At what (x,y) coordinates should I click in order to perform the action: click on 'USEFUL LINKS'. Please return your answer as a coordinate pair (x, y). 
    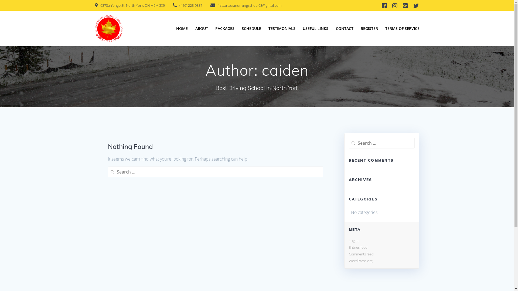
    Looking at the image, I should click on (315, 28).